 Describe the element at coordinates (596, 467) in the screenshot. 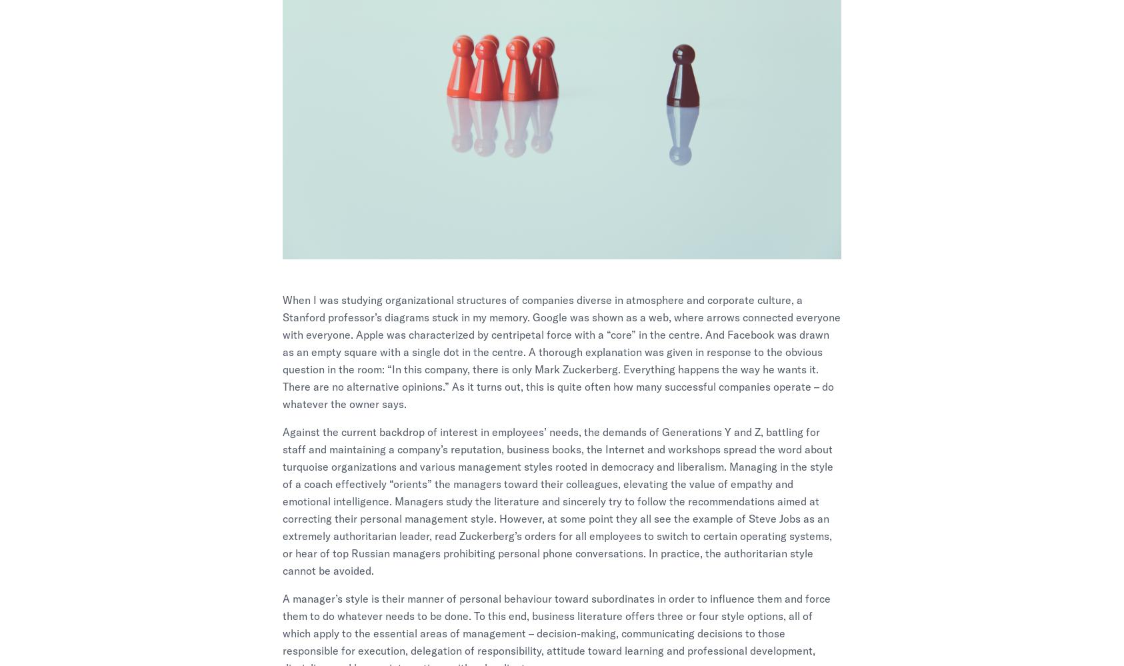

I see `'Product'` at that location.